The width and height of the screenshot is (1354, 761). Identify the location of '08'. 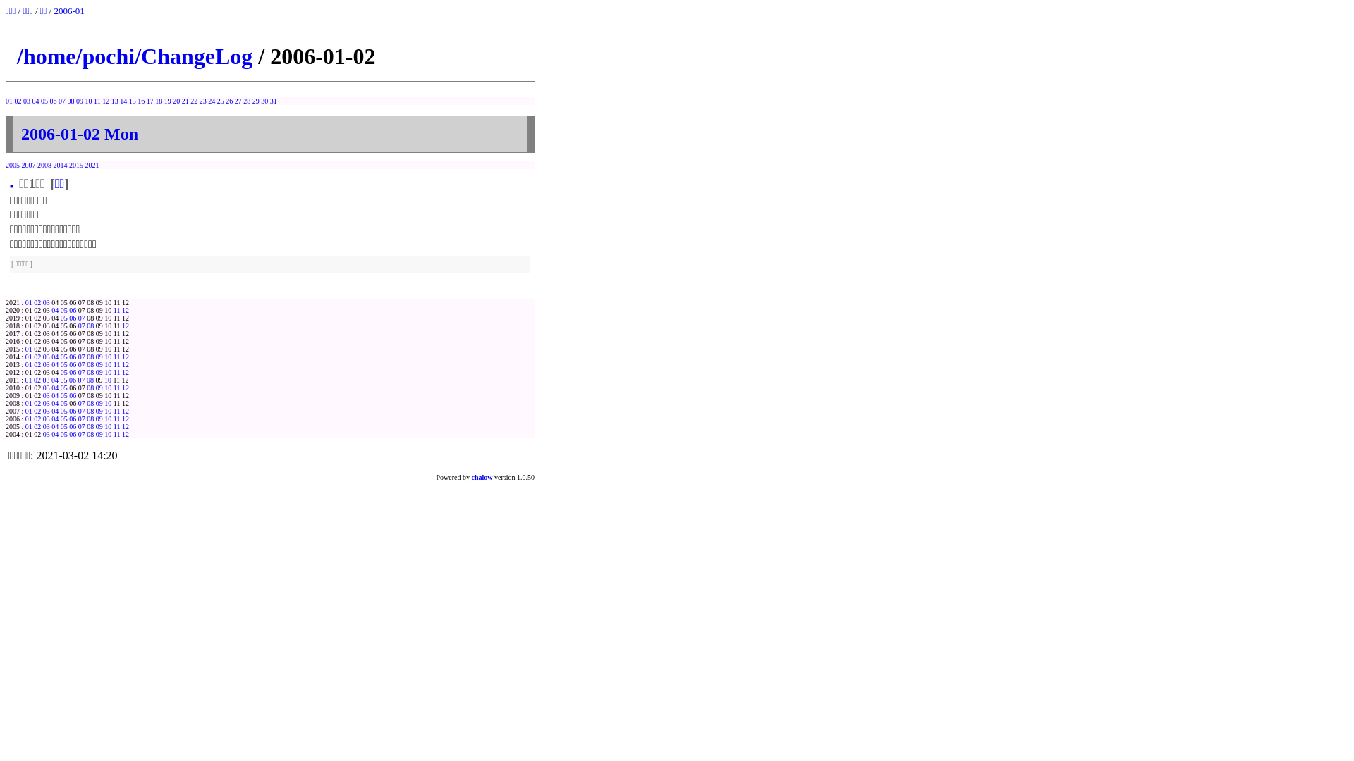
(90, 364).